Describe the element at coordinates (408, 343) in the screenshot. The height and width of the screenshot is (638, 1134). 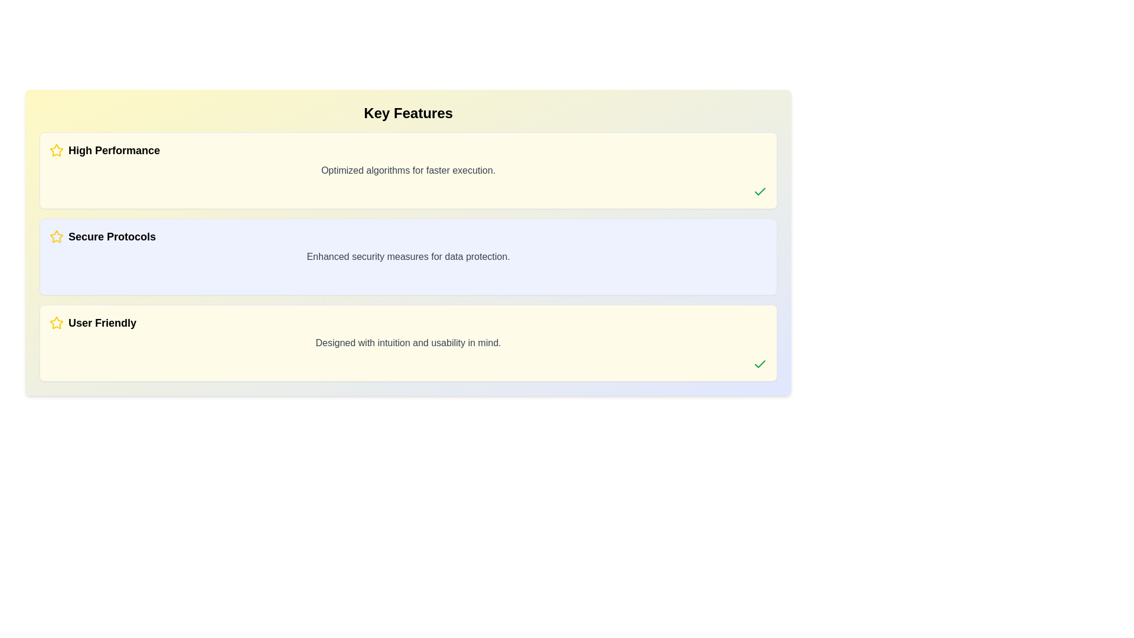
I see `the feature card corresponding to User Friendly` at that location.